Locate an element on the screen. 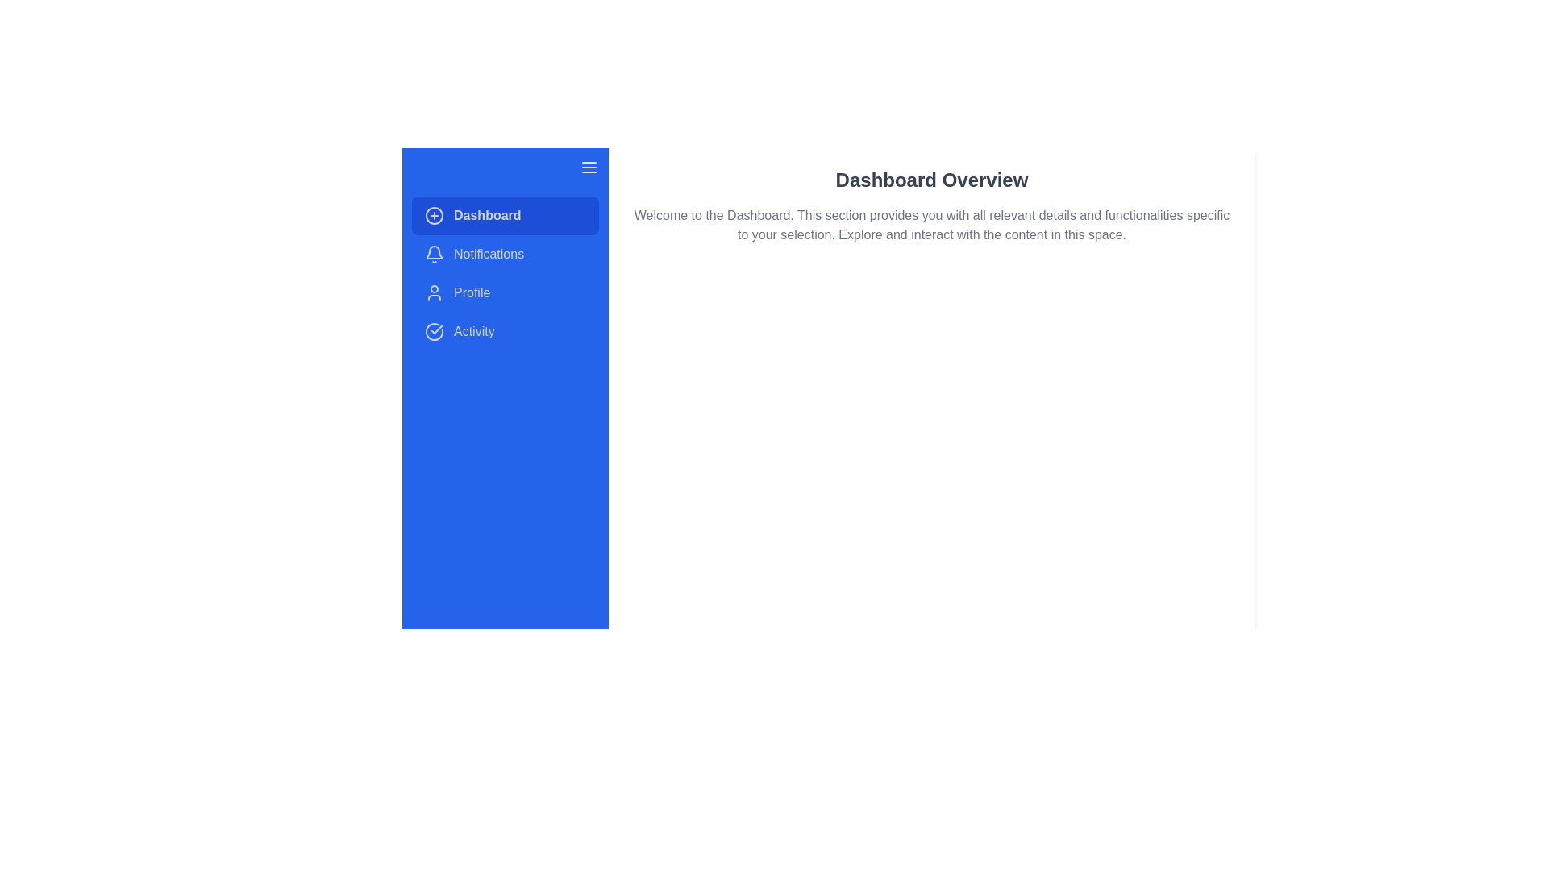 The width and height of the screenshot is (1548, 870). the menu item Dashboard by clicking on it is located at coordinates (505, 214).